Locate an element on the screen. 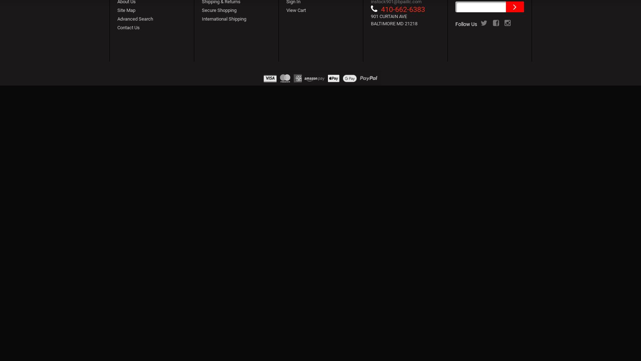  'Advanced Search' is located at coordinates (134, 19).